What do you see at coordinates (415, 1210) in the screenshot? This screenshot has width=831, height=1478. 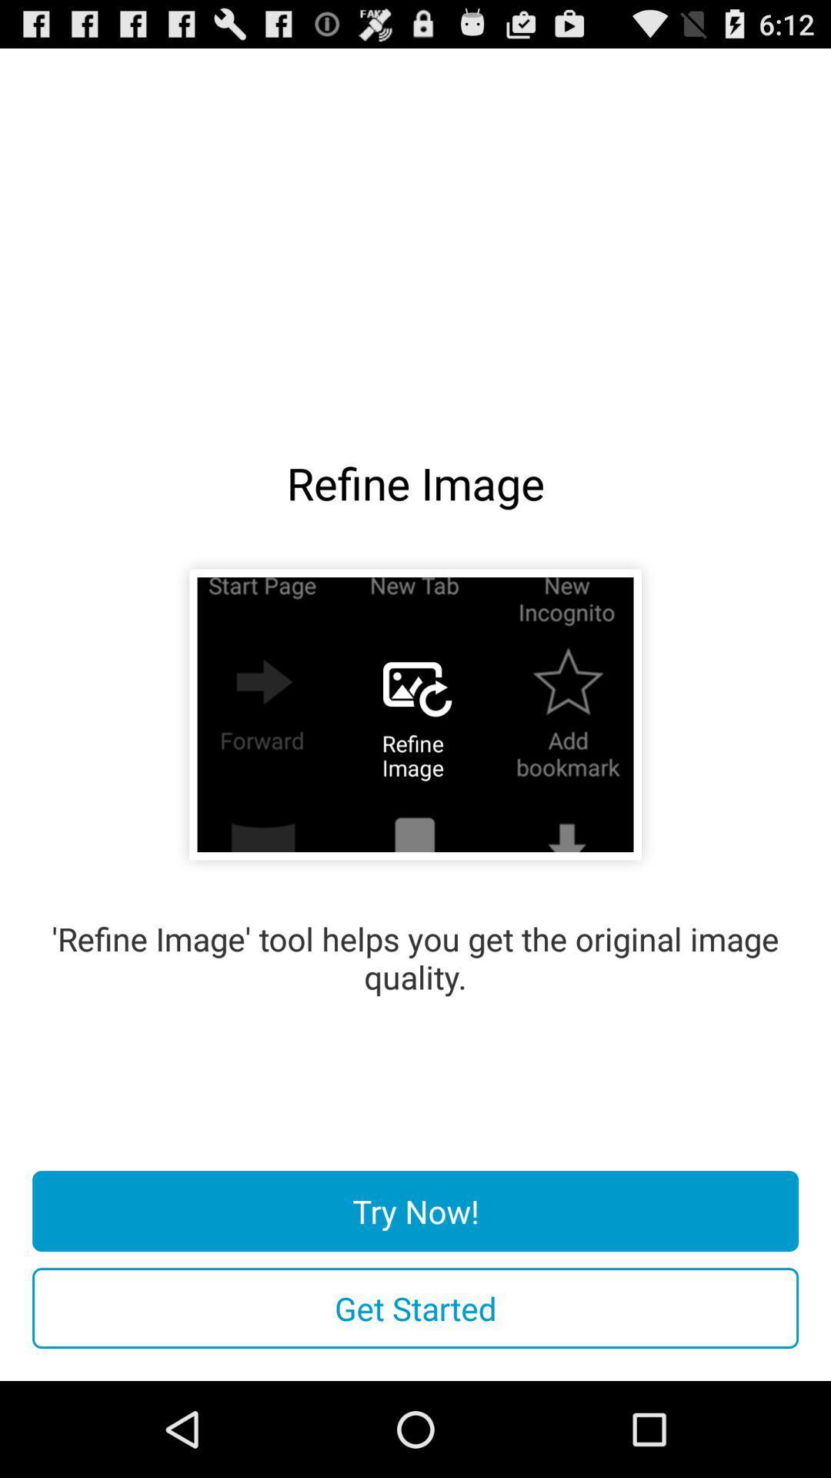 I see `app below the refine image tool item` at bounding box center [415, 1210].